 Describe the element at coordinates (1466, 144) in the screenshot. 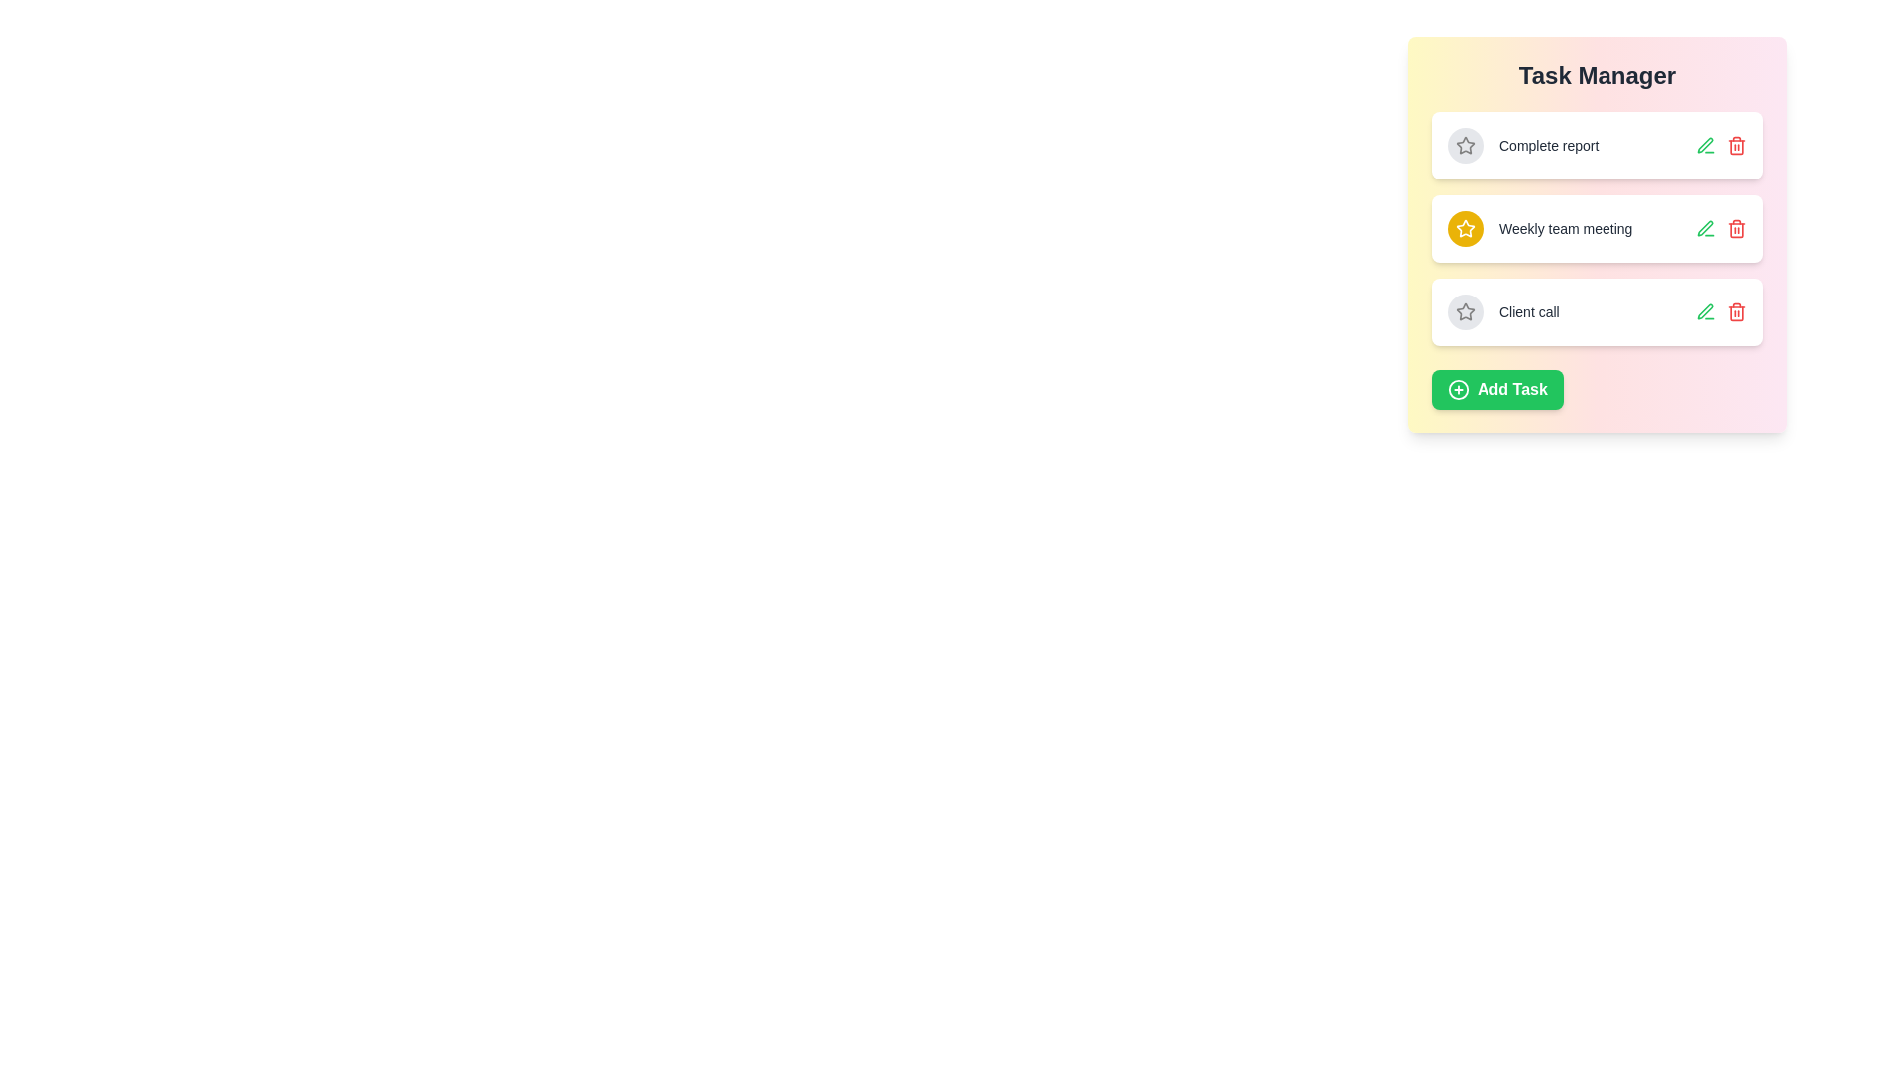

I see `the star icon of the task titled Complete report to toggle its importance` at that location.